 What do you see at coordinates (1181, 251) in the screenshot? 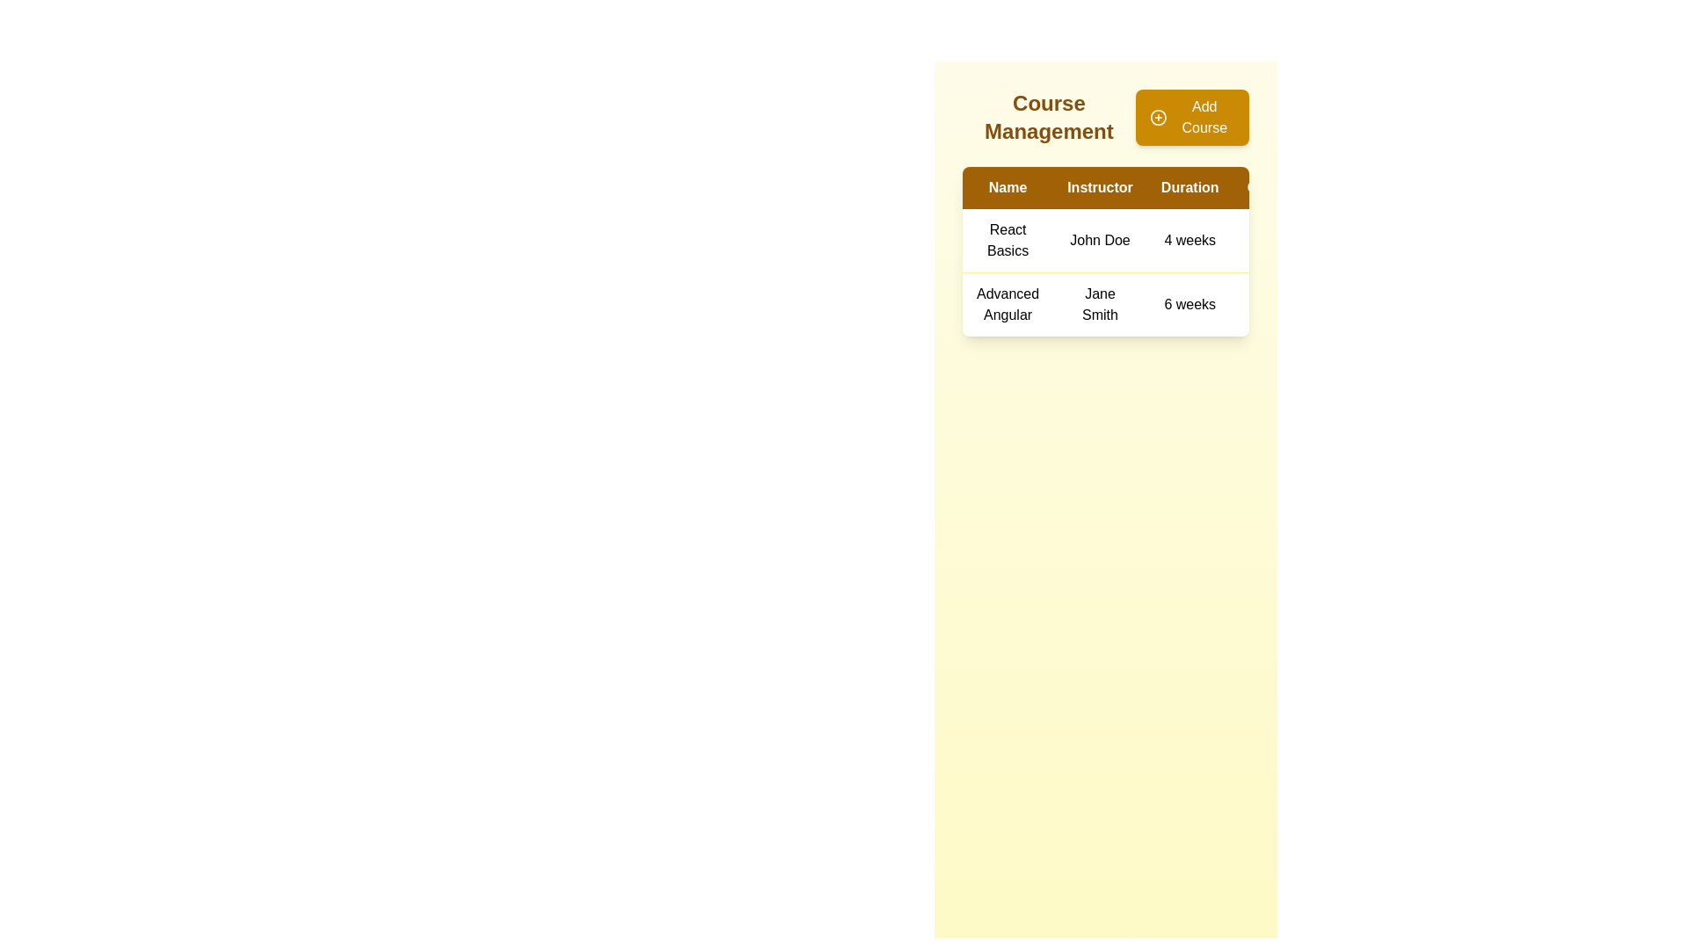
I see `contents of the first row in the course table, which includes details about the course name, instructor, duration, and capacity` at bounding box center [1181, 251].